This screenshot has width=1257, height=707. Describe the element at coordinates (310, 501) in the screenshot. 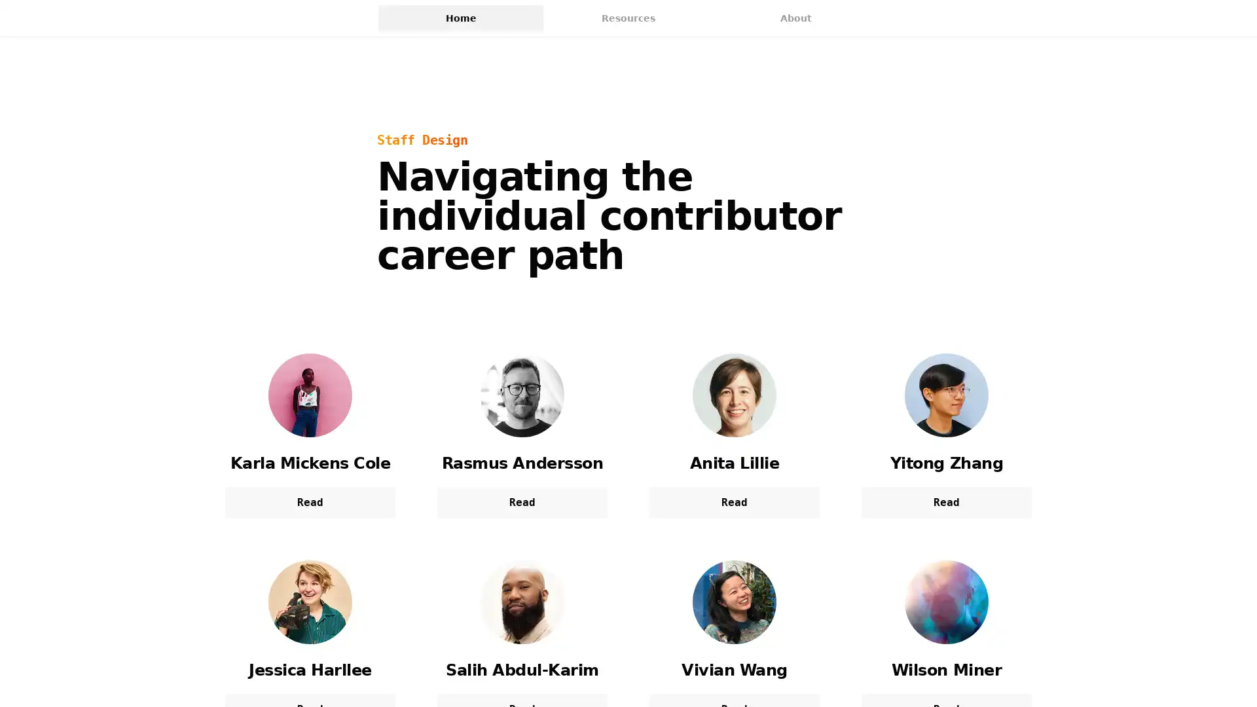

I see `Read` at that location.